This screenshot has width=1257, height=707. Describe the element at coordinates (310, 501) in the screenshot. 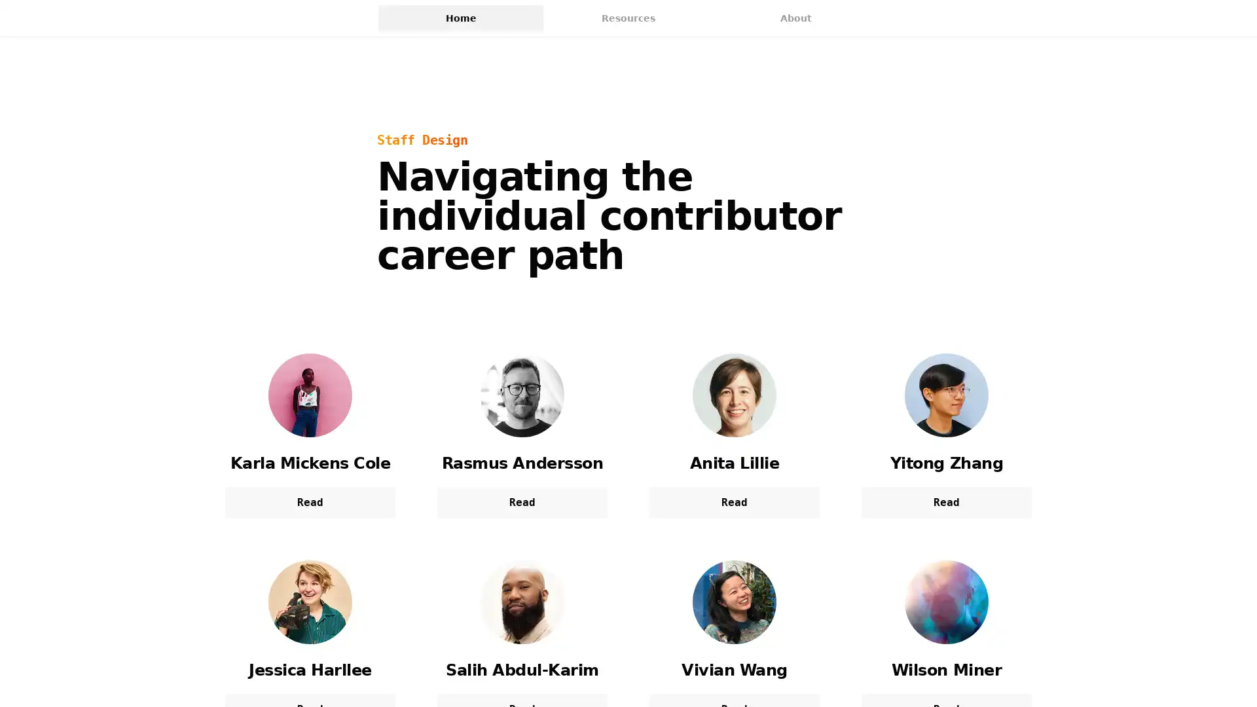

I see `Read` at that location.